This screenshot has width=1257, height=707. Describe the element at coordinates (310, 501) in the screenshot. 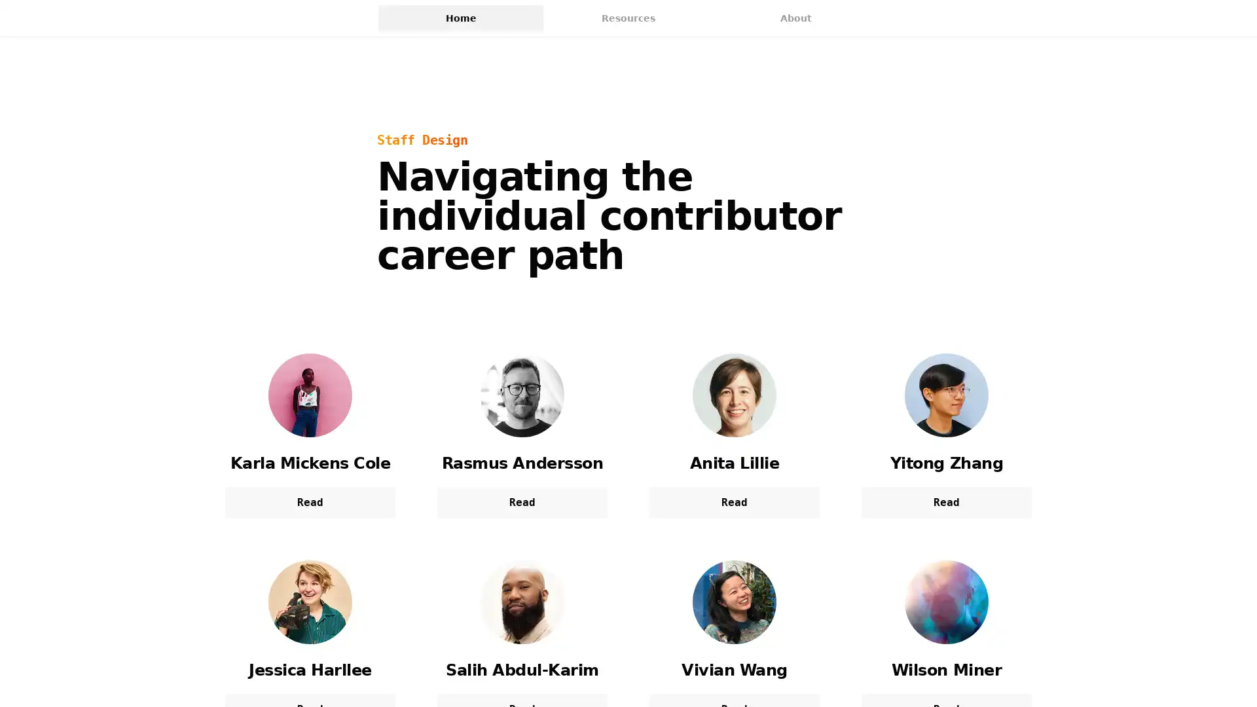

I see `Read` at that location.